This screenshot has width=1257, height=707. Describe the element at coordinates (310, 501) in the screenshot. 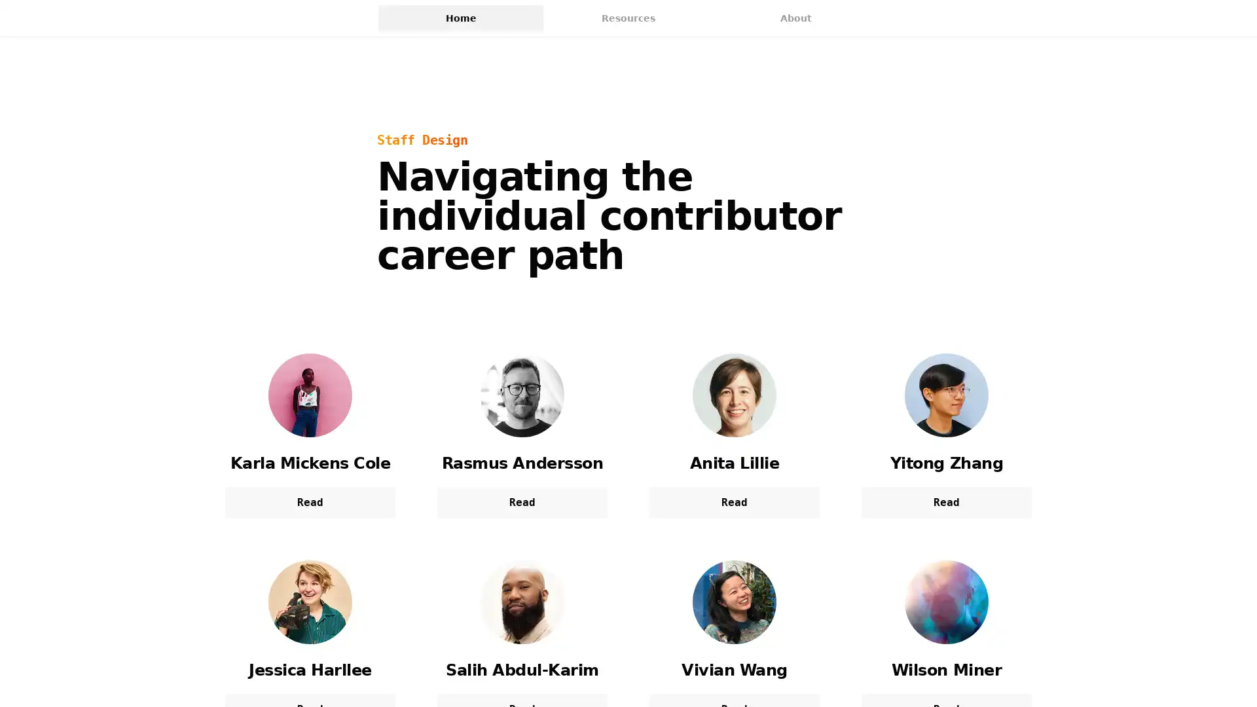

I see `Read` at that location.